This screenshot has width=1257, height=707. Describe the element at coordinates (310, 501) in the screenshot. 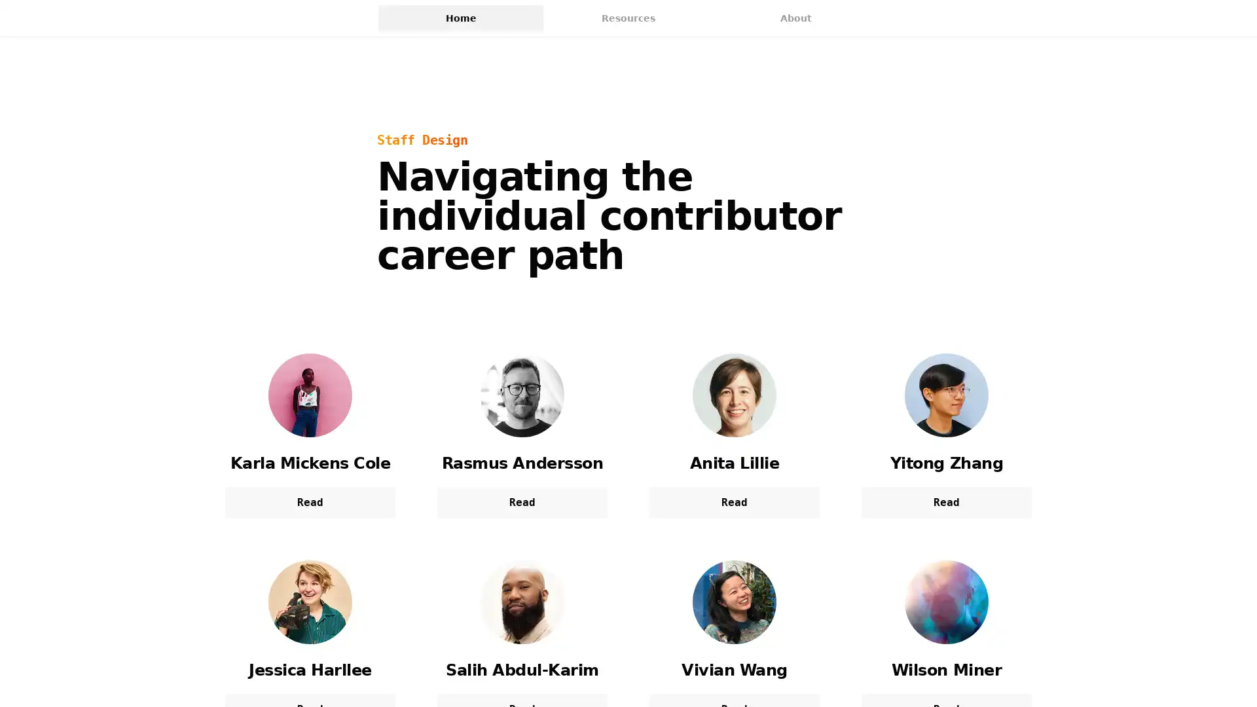

I see `Read` at that location.